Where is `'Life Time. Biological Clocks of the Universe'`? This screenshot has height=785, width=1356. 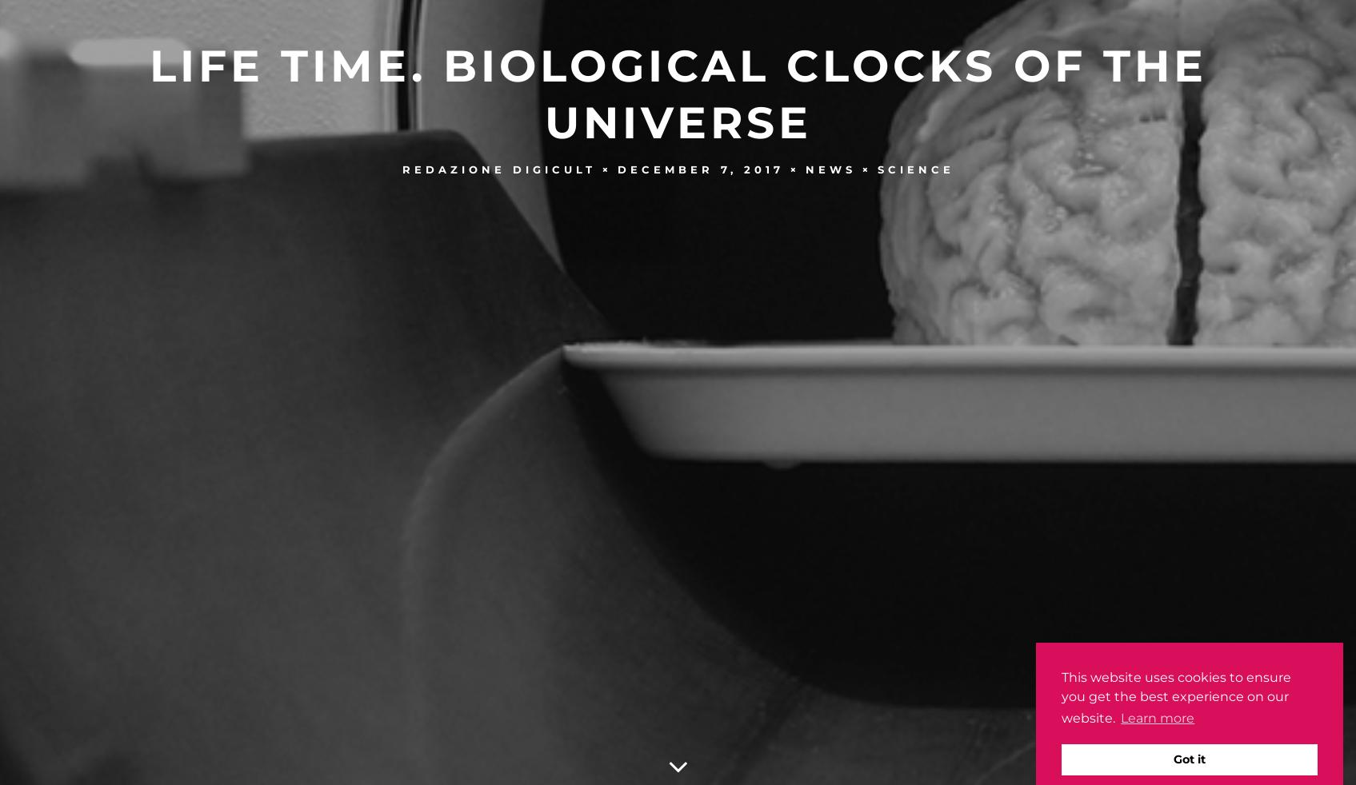 'Life Time. Biological Clocks of the Universe' is located at coordinates (148, 92).